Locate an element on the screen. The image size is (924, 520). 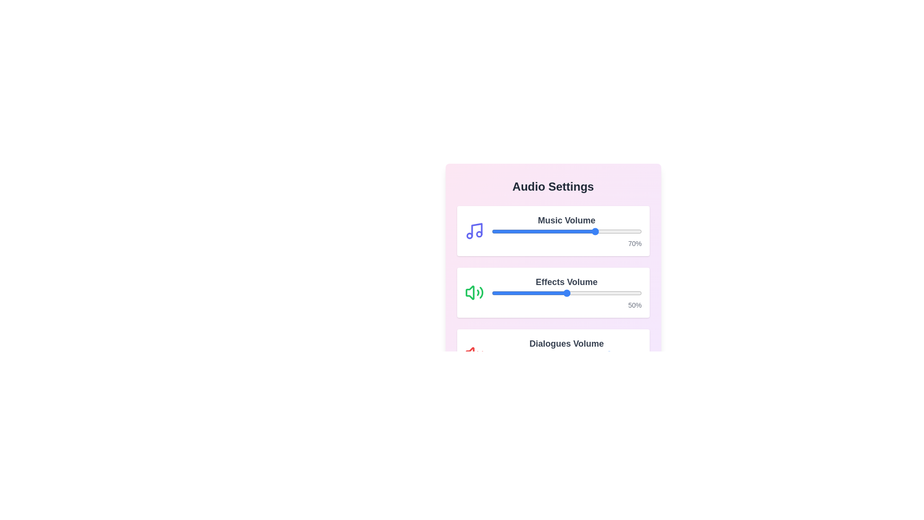
the Dialogues Volume slider to 29% is located at coordinates (535, 354).